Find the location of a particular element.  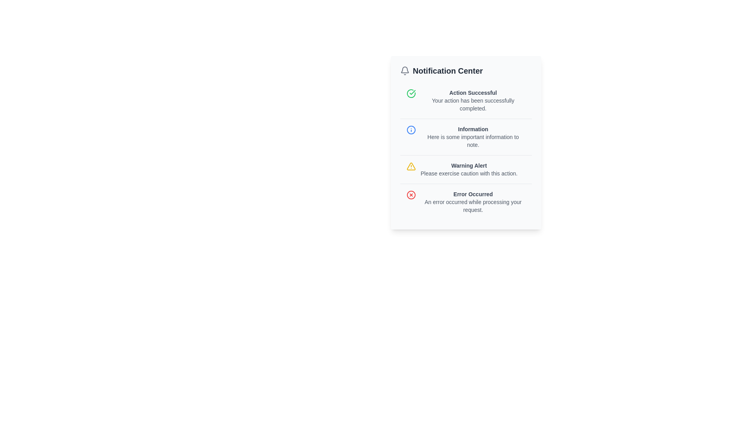

the compact green checkmark icon located in the upper-left corner of the 'Action Successful' notification card, which is nested within a larger circular green icon indicating success status is located at coordinates (412, 92).